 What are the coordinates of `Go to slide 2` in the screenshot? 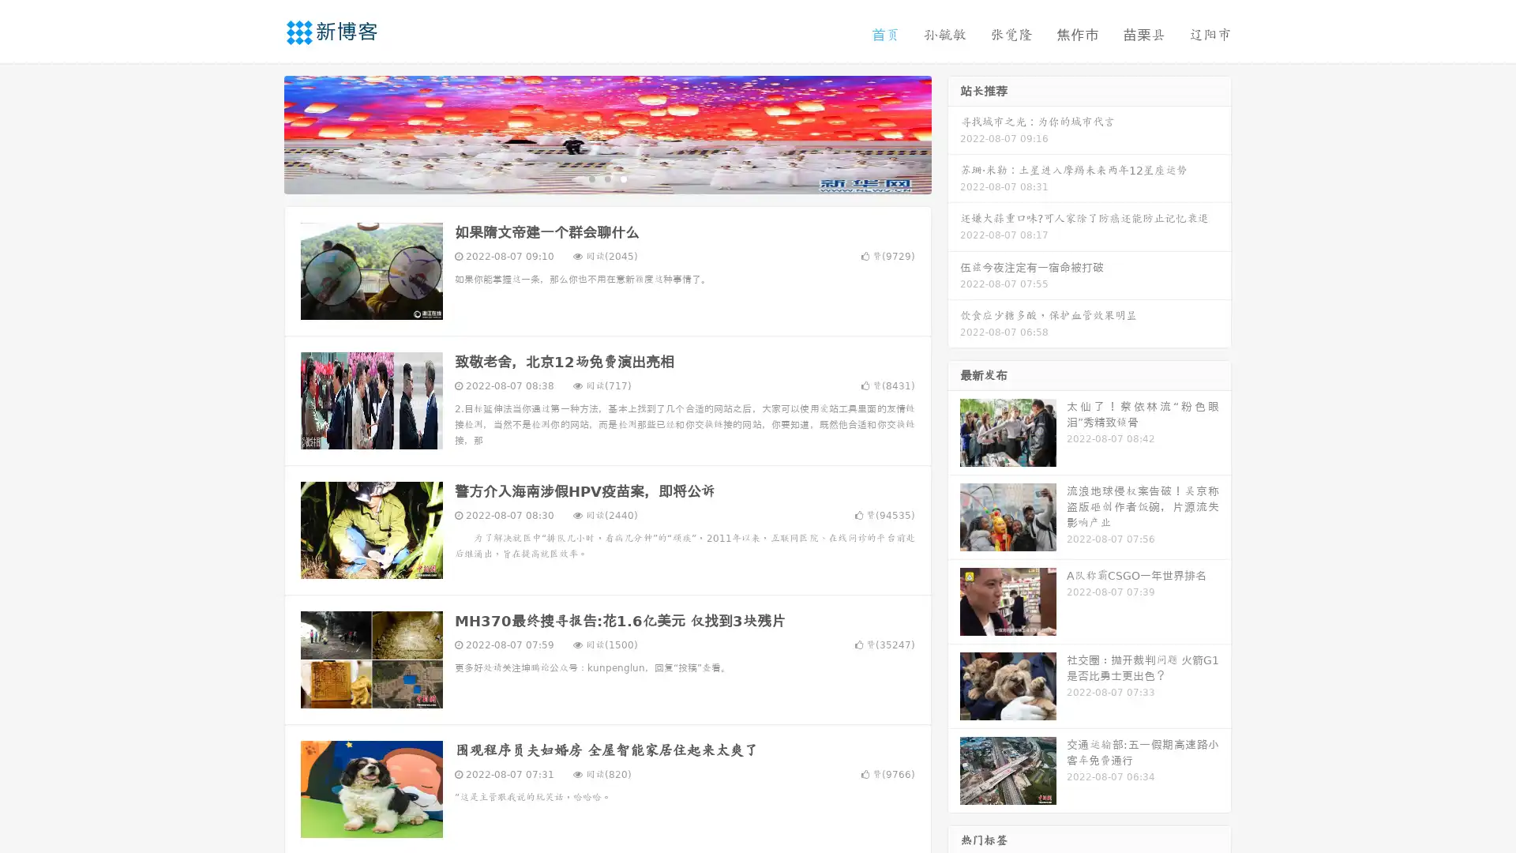 It's located at (606, 178).